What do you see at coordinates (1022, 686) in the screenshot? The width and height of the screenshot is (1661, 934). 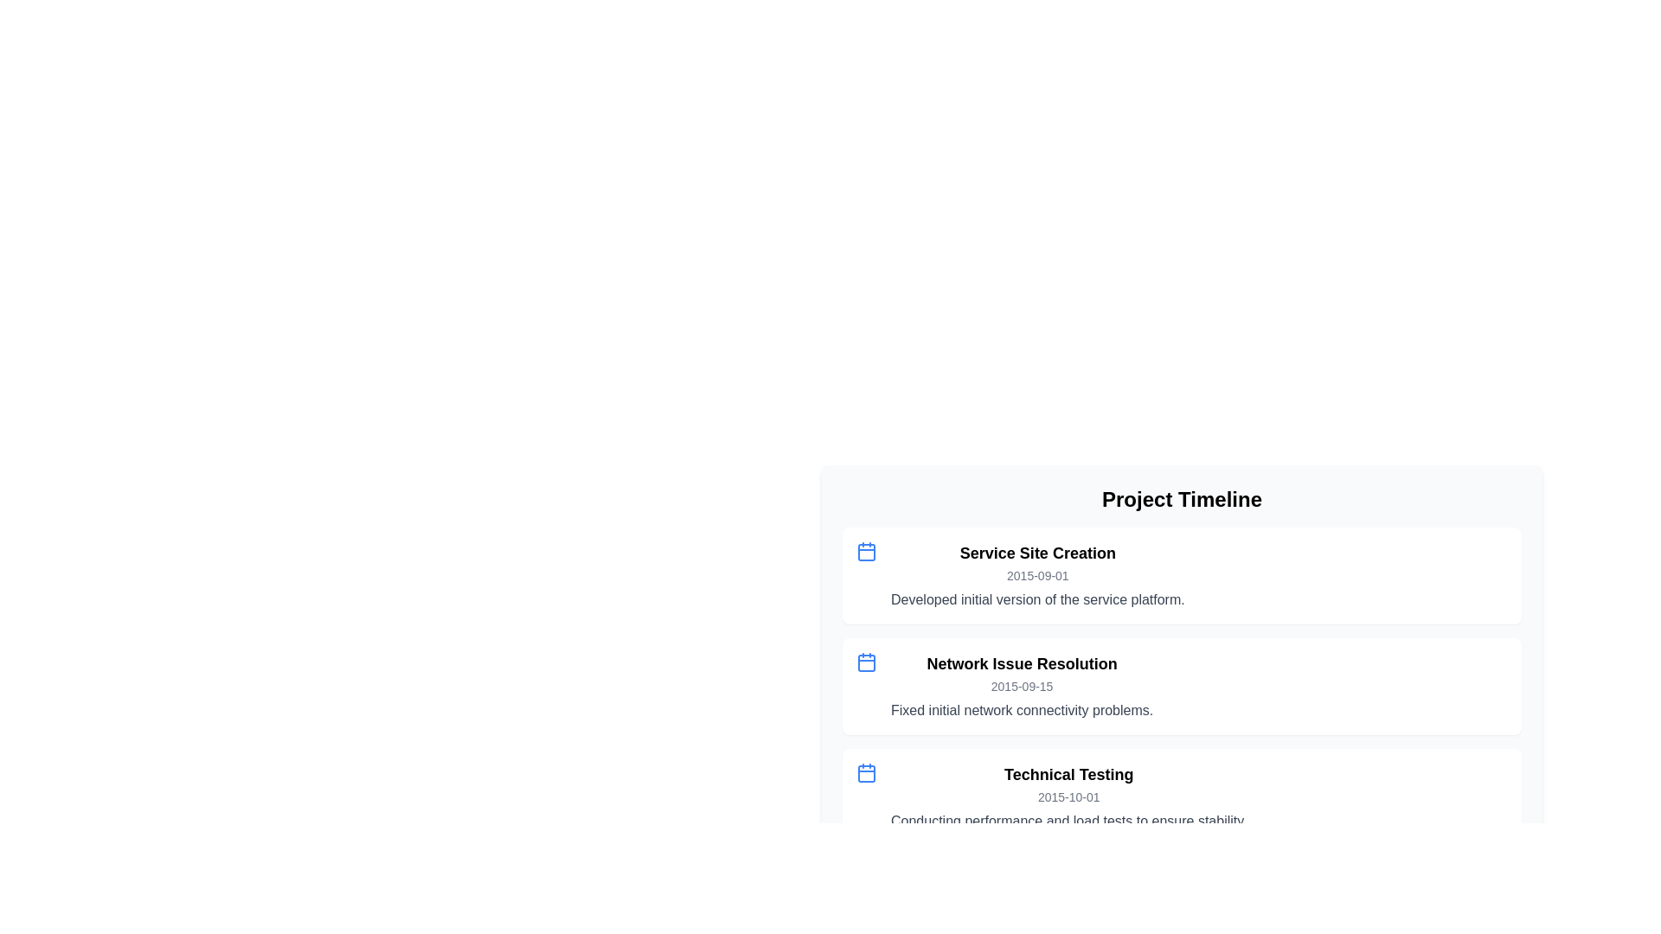 I see `text display that shows the date for the 'Network Issue Resolution' timeline entry, located below the title and above the description` at bounding box center [1022, 686].